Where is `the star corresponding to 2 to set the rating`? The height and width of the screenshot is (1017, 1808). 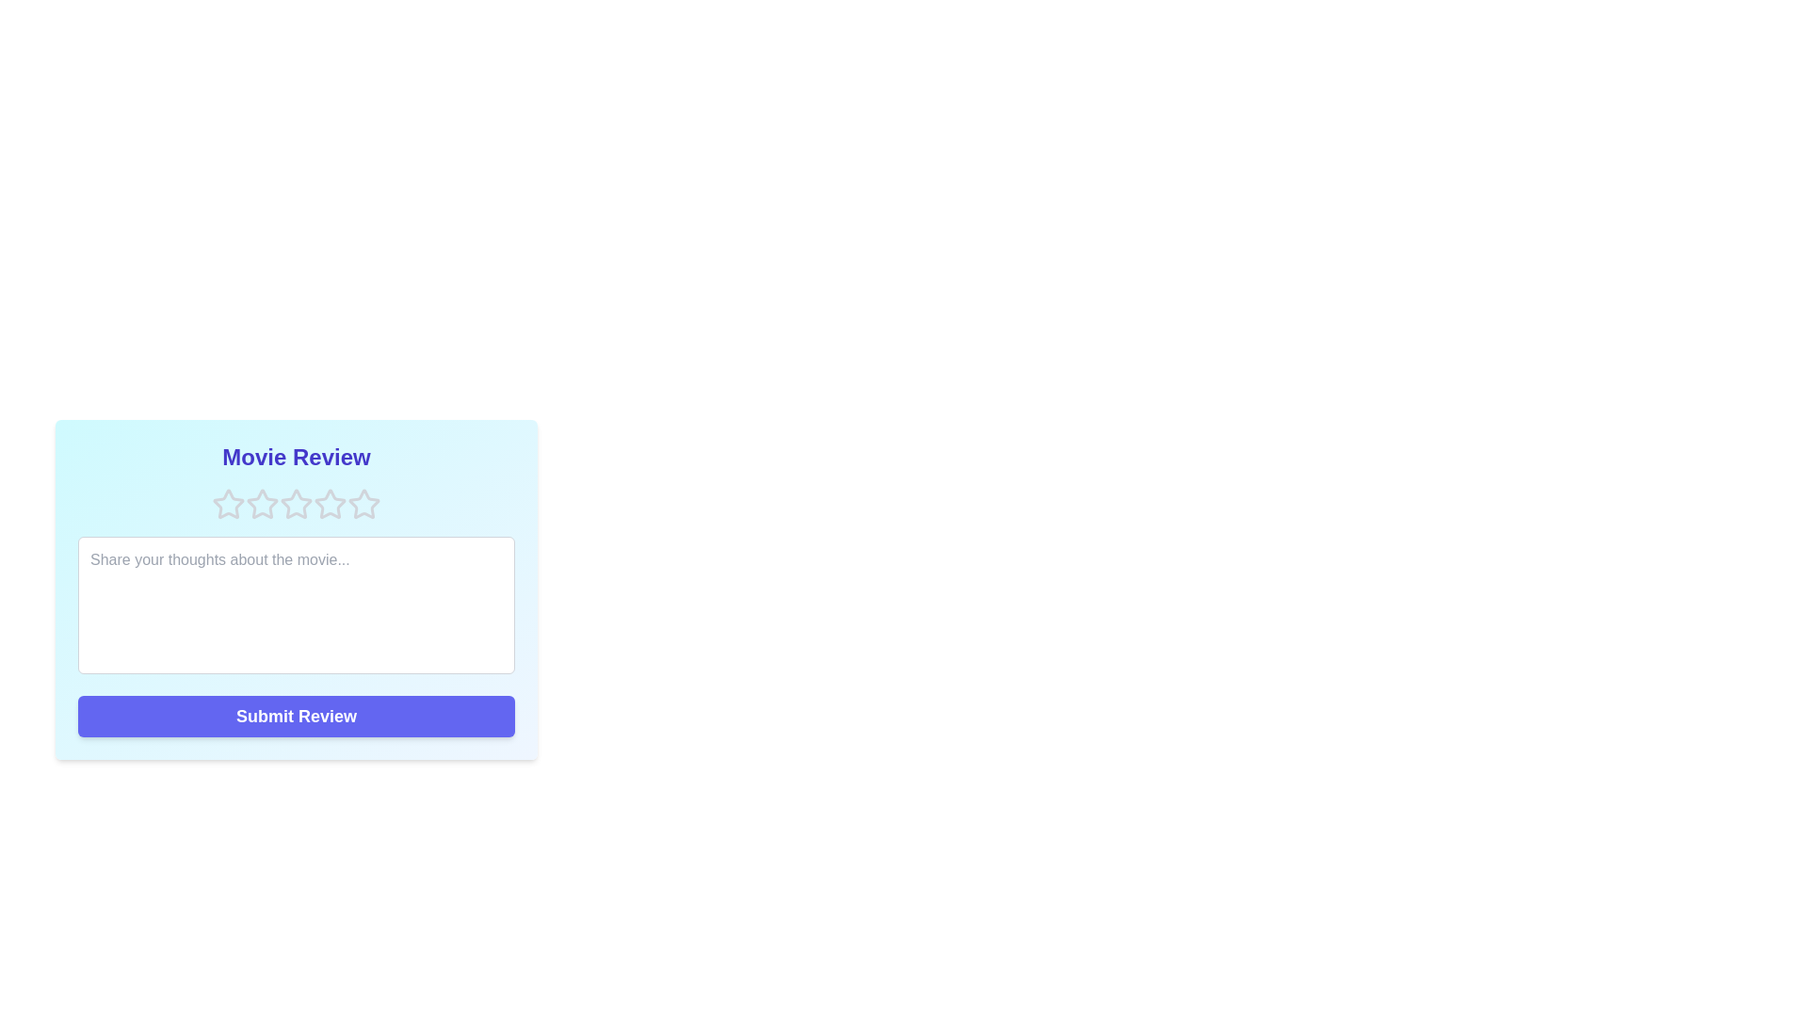 the star corresponding to 2 to set the rating is located at coordinates (261, 504).